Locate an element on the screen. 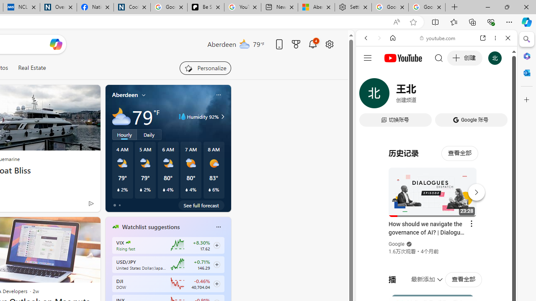 Image resolution: width=536 pixels, height=301 pixels. 'Show More Music' is located at coordinates (487, 228).